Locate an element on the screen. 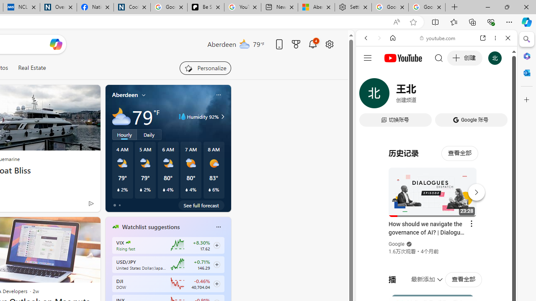 Image resolution: width=536 pixels, height=301 pixels. 'Show More Music' is located at coordinates (487, 228).